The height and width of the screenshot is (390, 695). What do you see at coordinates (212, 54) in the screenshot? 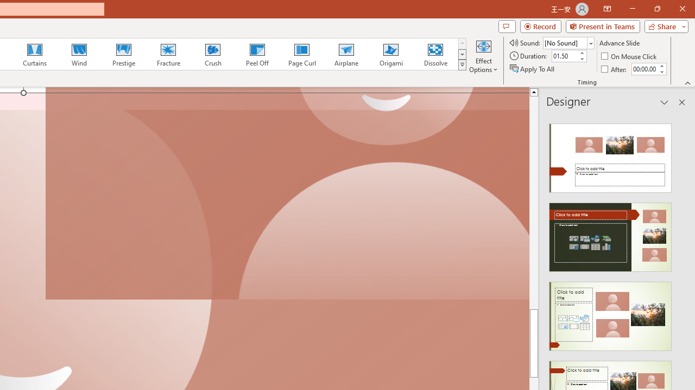
I see `'Crush'` at bounding box center [212, 54].